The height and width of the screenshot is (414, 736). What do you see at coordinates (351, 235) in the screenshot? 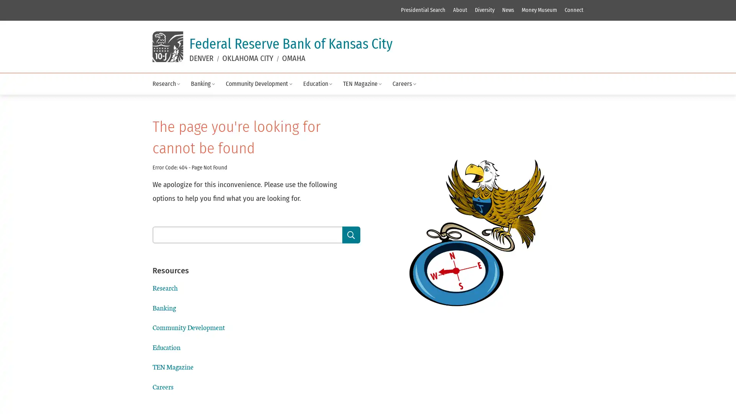
I see `Search` at bounding box center [351, 235].